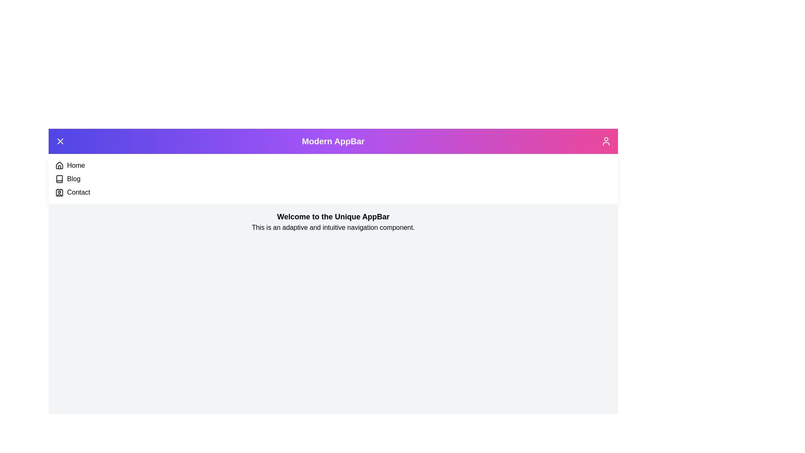  I want to click on the navigation item Contact from the menu, so click(59, 193).